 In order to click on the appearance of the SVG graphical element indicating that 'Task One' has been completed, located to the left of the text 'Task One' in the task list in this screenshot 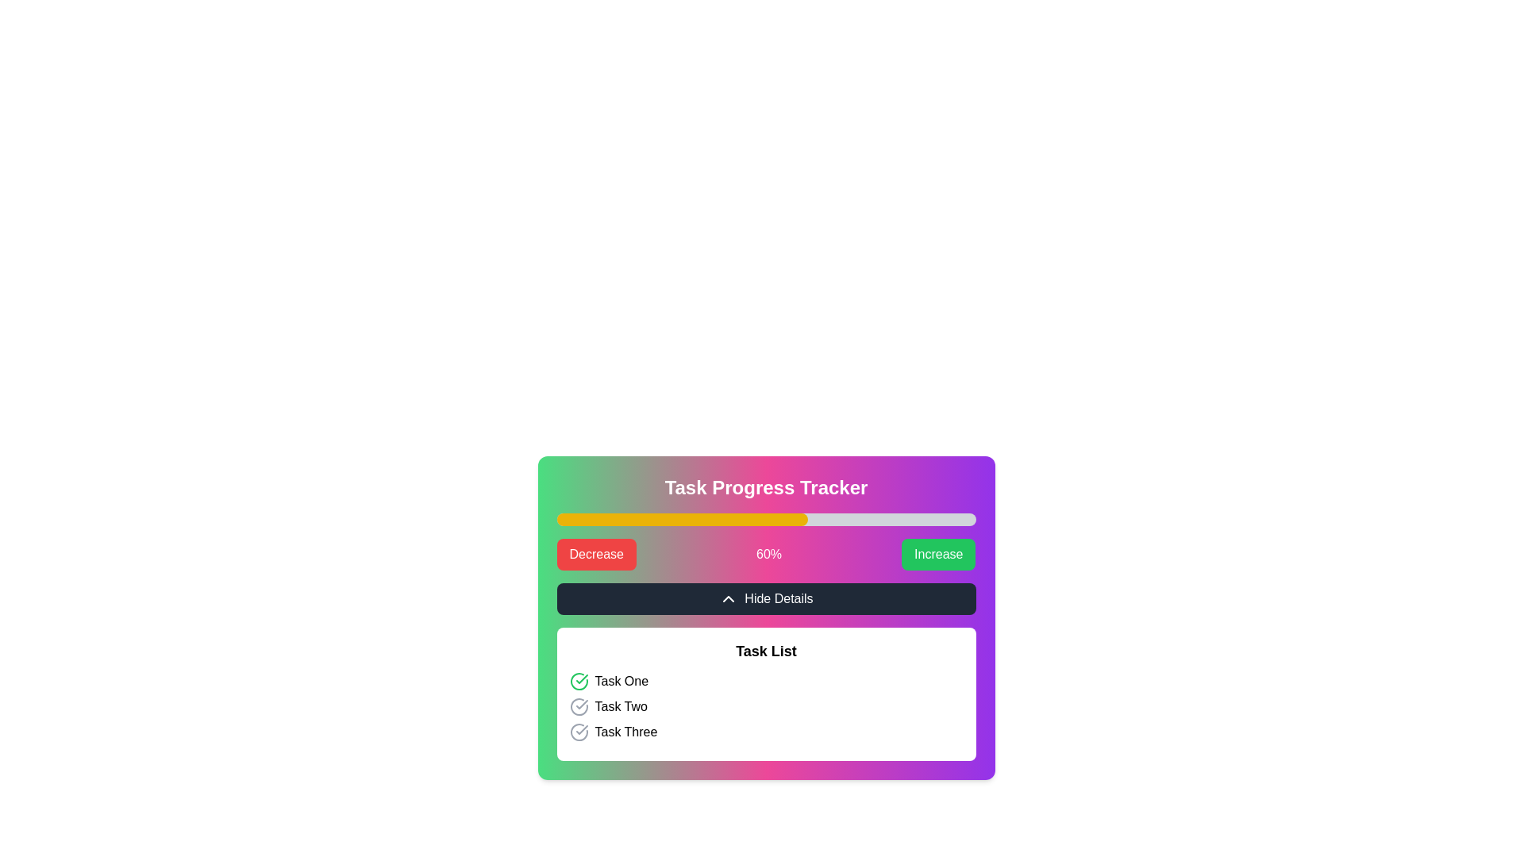, I will do `click(578, 681)`.